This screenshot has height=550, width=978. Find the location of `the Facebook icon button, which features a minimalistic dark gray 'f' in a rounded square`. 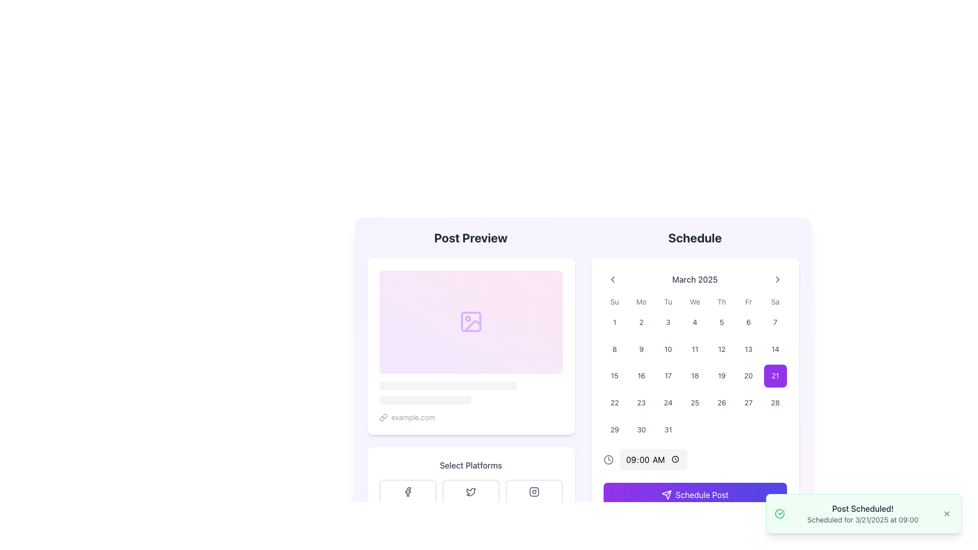

the Facebook icon button, which features a minimalistic dark gray 'f' in a rounded square is located at coordinates (407, 491).